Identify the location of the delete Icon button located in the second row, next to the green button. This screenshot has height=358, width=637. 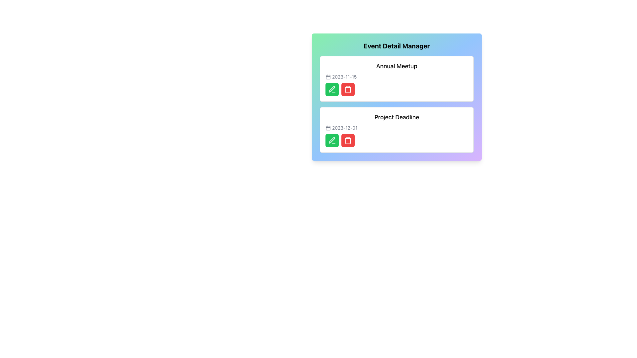
(348, 89).